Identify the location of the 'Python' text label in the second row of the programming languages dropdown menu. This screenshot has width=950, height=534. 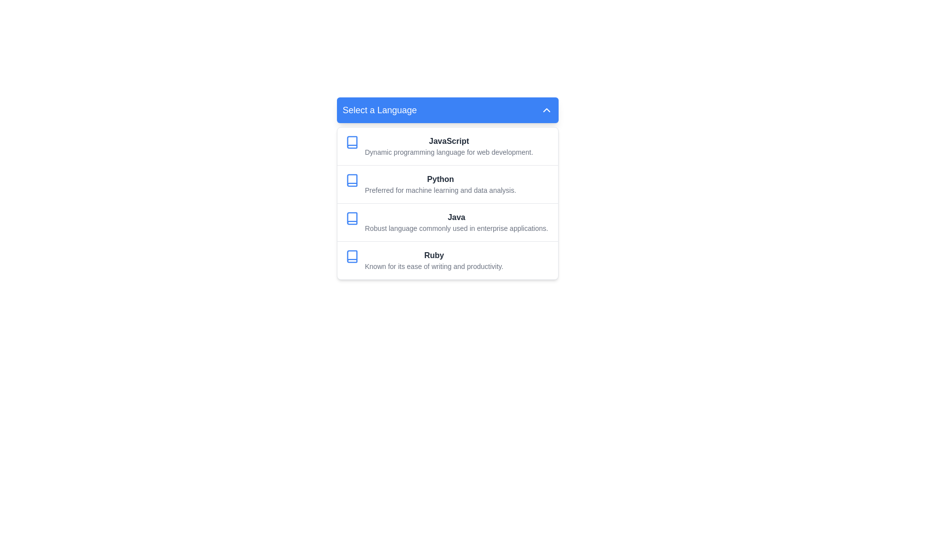
(440, 179).